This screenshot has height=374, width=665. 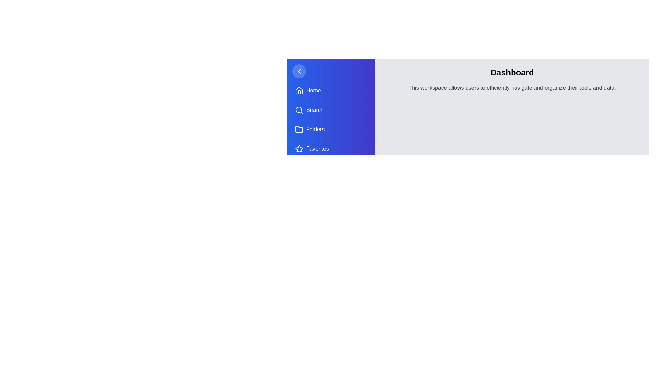 I want to click on the navigation item Folders, so click(x=330, y=130).